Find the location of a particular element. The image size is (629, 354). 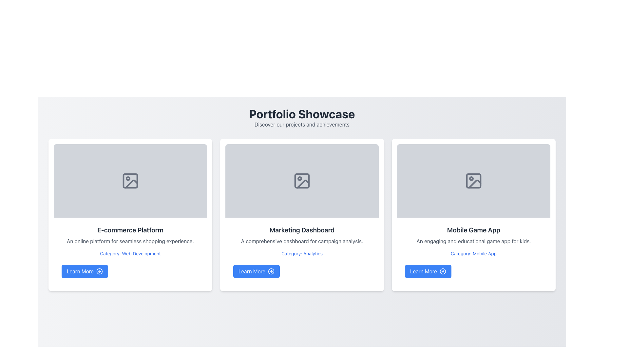

the icon located to the right of the text on the blue button labeled 'Learn More' is located at coordinates (99, 271).